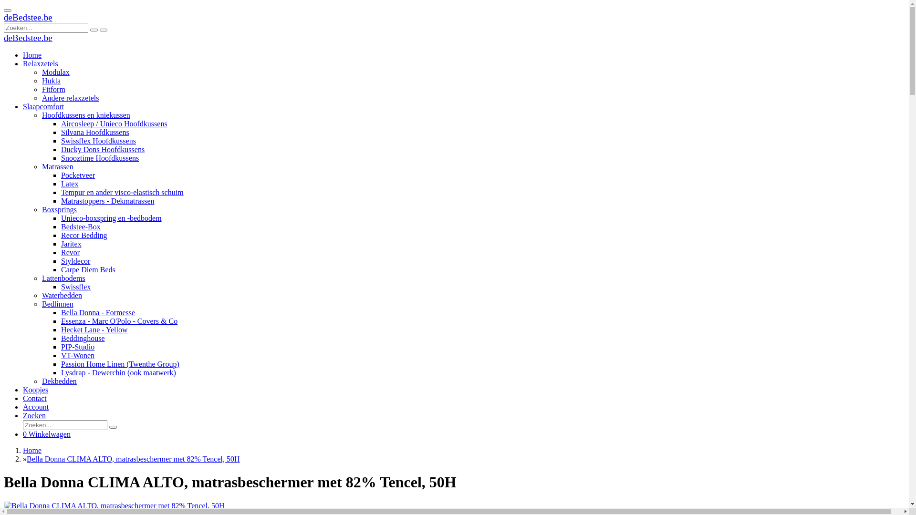 Image resolution: width=916 pixels, height=515 pixels. Describe the element at coordinates (61, 243) in the screenshot. I see `'Jaritex'` at that location.